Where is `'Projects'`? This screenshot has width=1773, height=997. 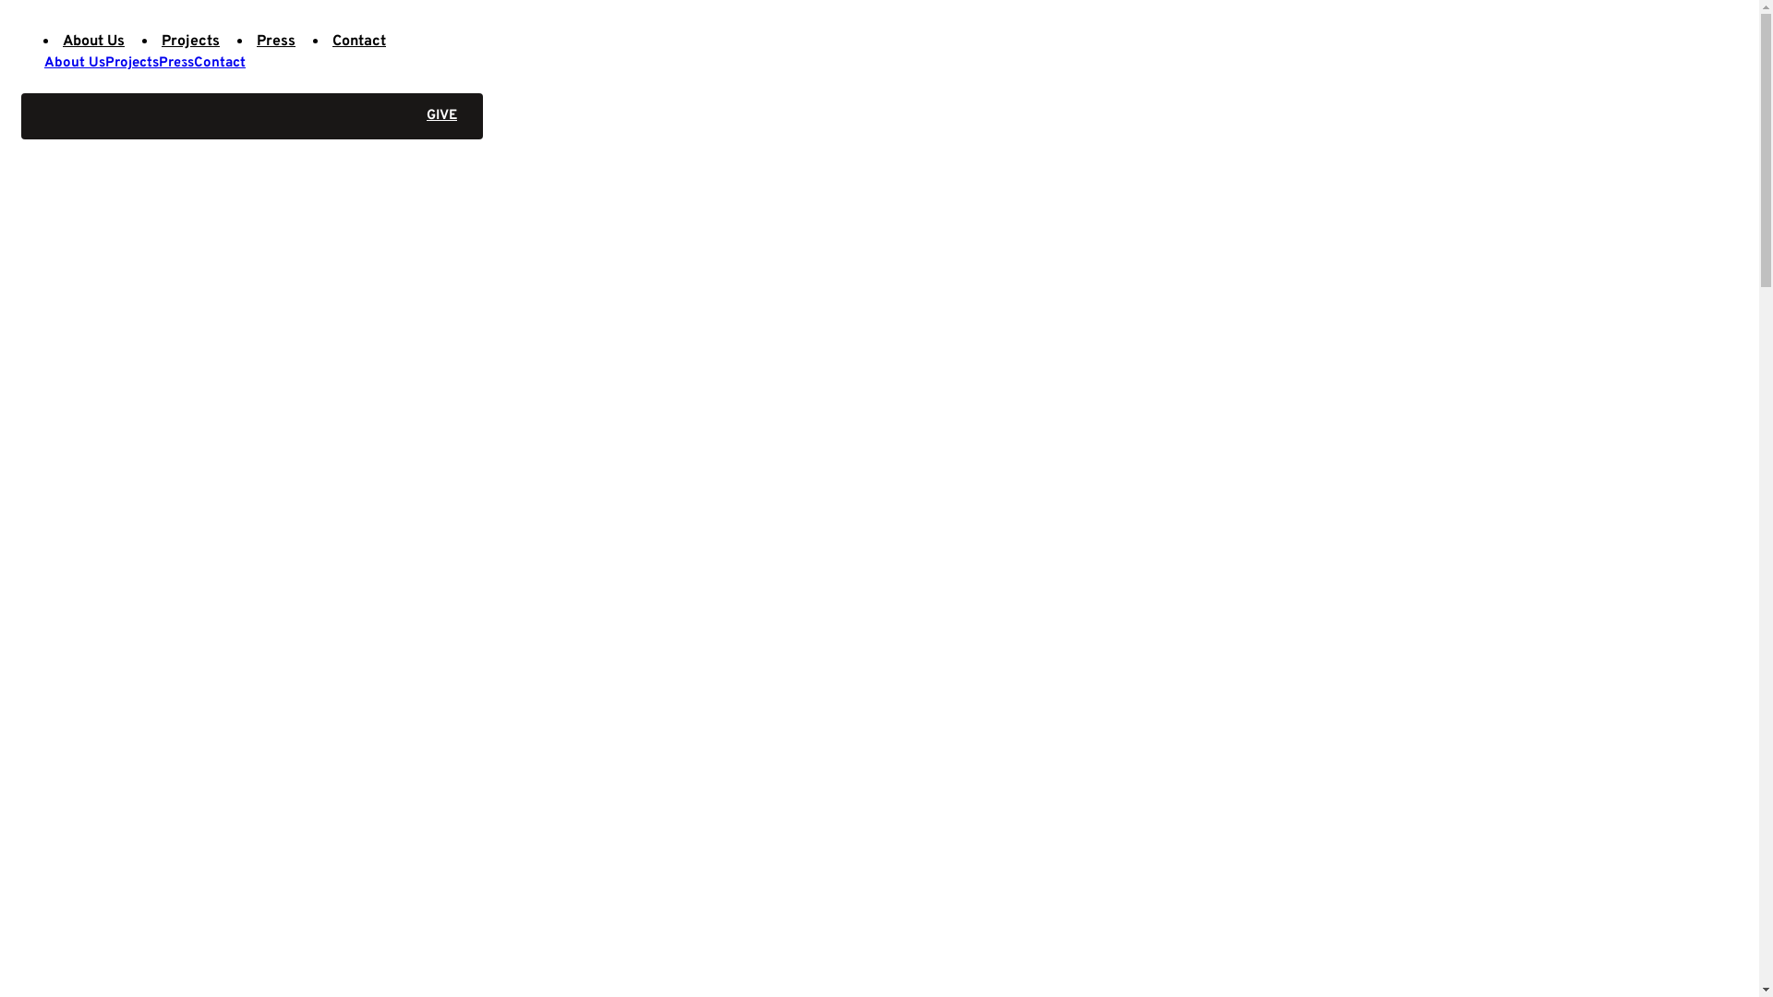 'Projects' is located at coordinates (190, 42).